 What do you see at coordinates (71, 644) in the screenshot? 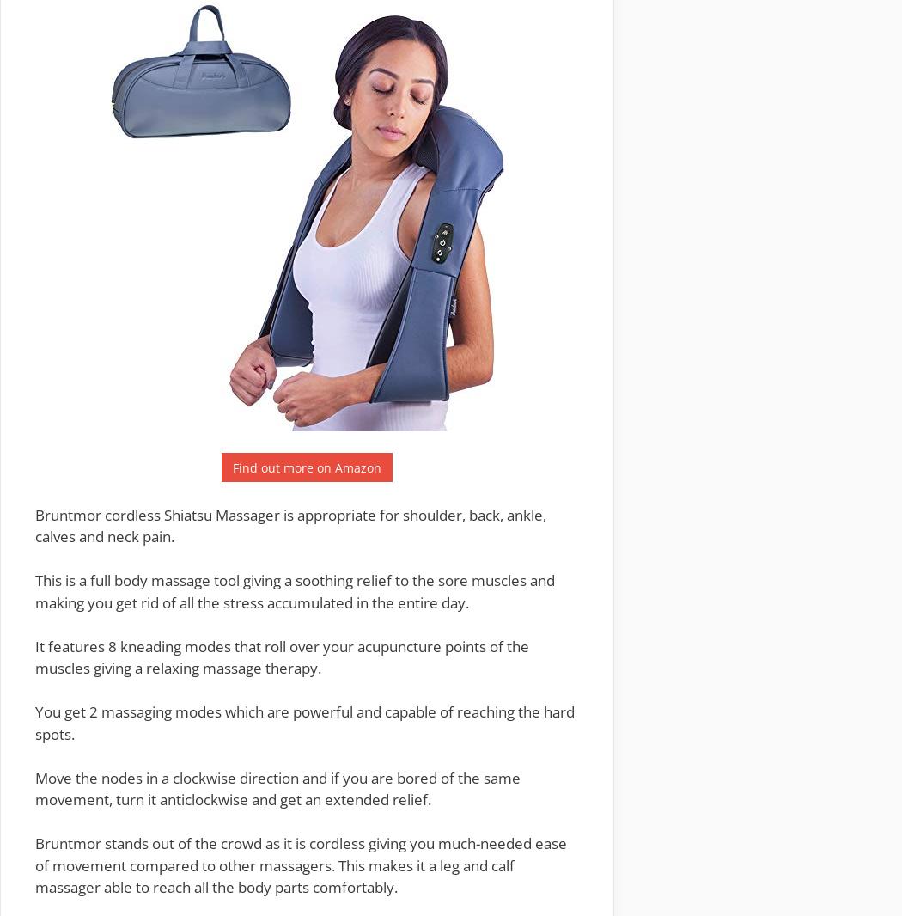
I see `'It features'` at bounding box center [71, 644].